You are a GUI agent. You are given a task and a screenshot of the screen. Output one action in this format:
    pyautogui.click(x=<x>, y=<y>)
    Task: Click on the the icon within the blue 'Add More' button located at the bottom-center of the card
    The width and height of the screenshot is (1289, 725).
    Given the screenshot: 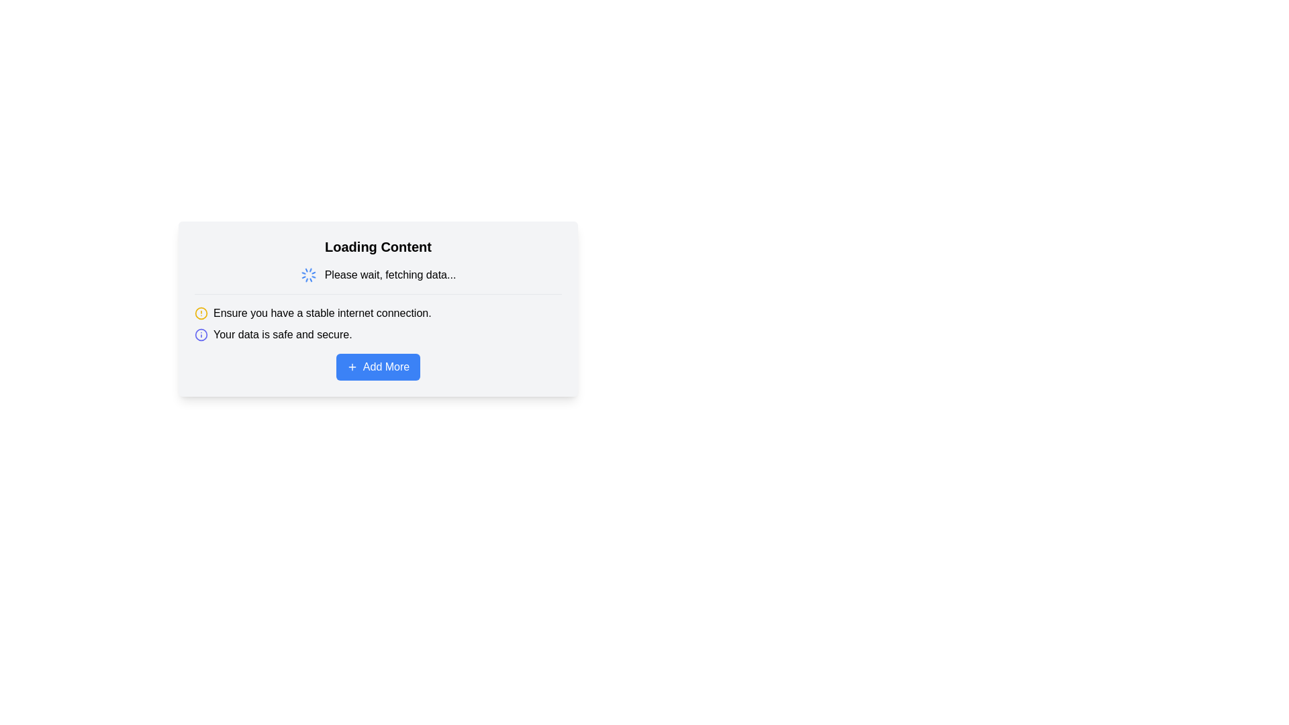 What is the action you would take?
    pyautogui.click(x=352, y=367)
    